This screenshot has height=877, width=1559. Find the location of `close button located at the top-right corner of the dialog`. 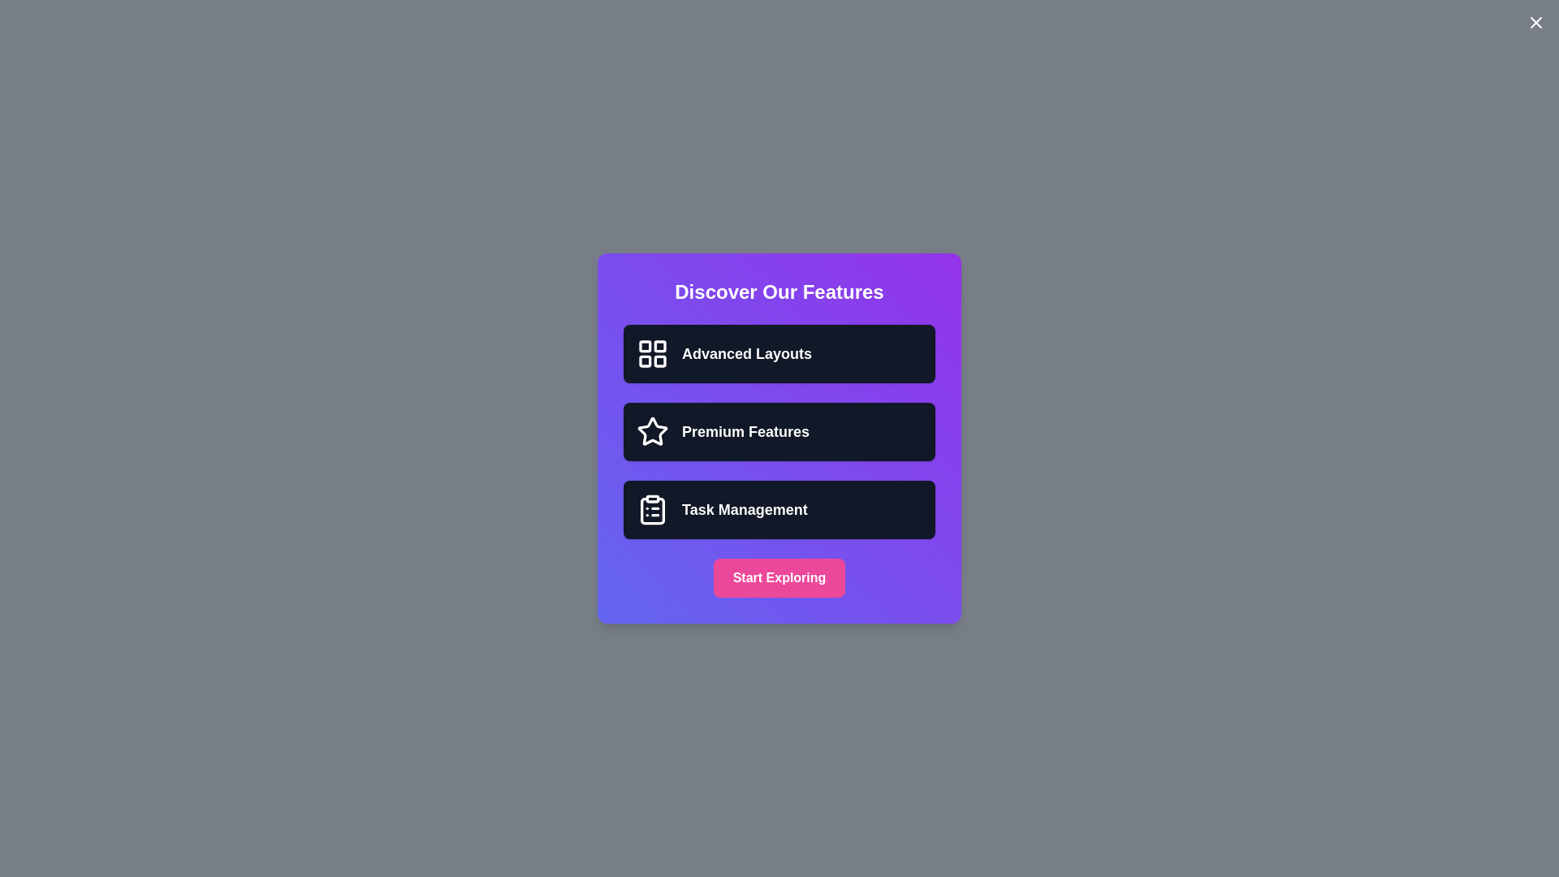

close button located at the top-right corner of the dialog is located at coordinates (1535, 22).